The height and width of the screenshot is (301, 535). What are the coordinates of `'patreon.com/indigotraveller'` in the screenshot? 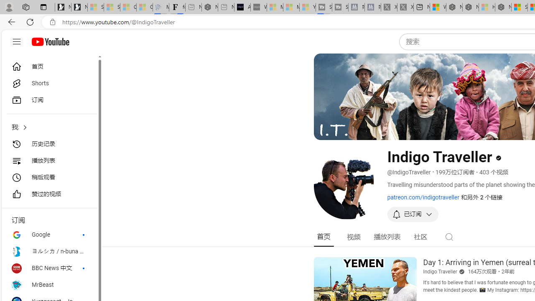 It's located at (423, 197).